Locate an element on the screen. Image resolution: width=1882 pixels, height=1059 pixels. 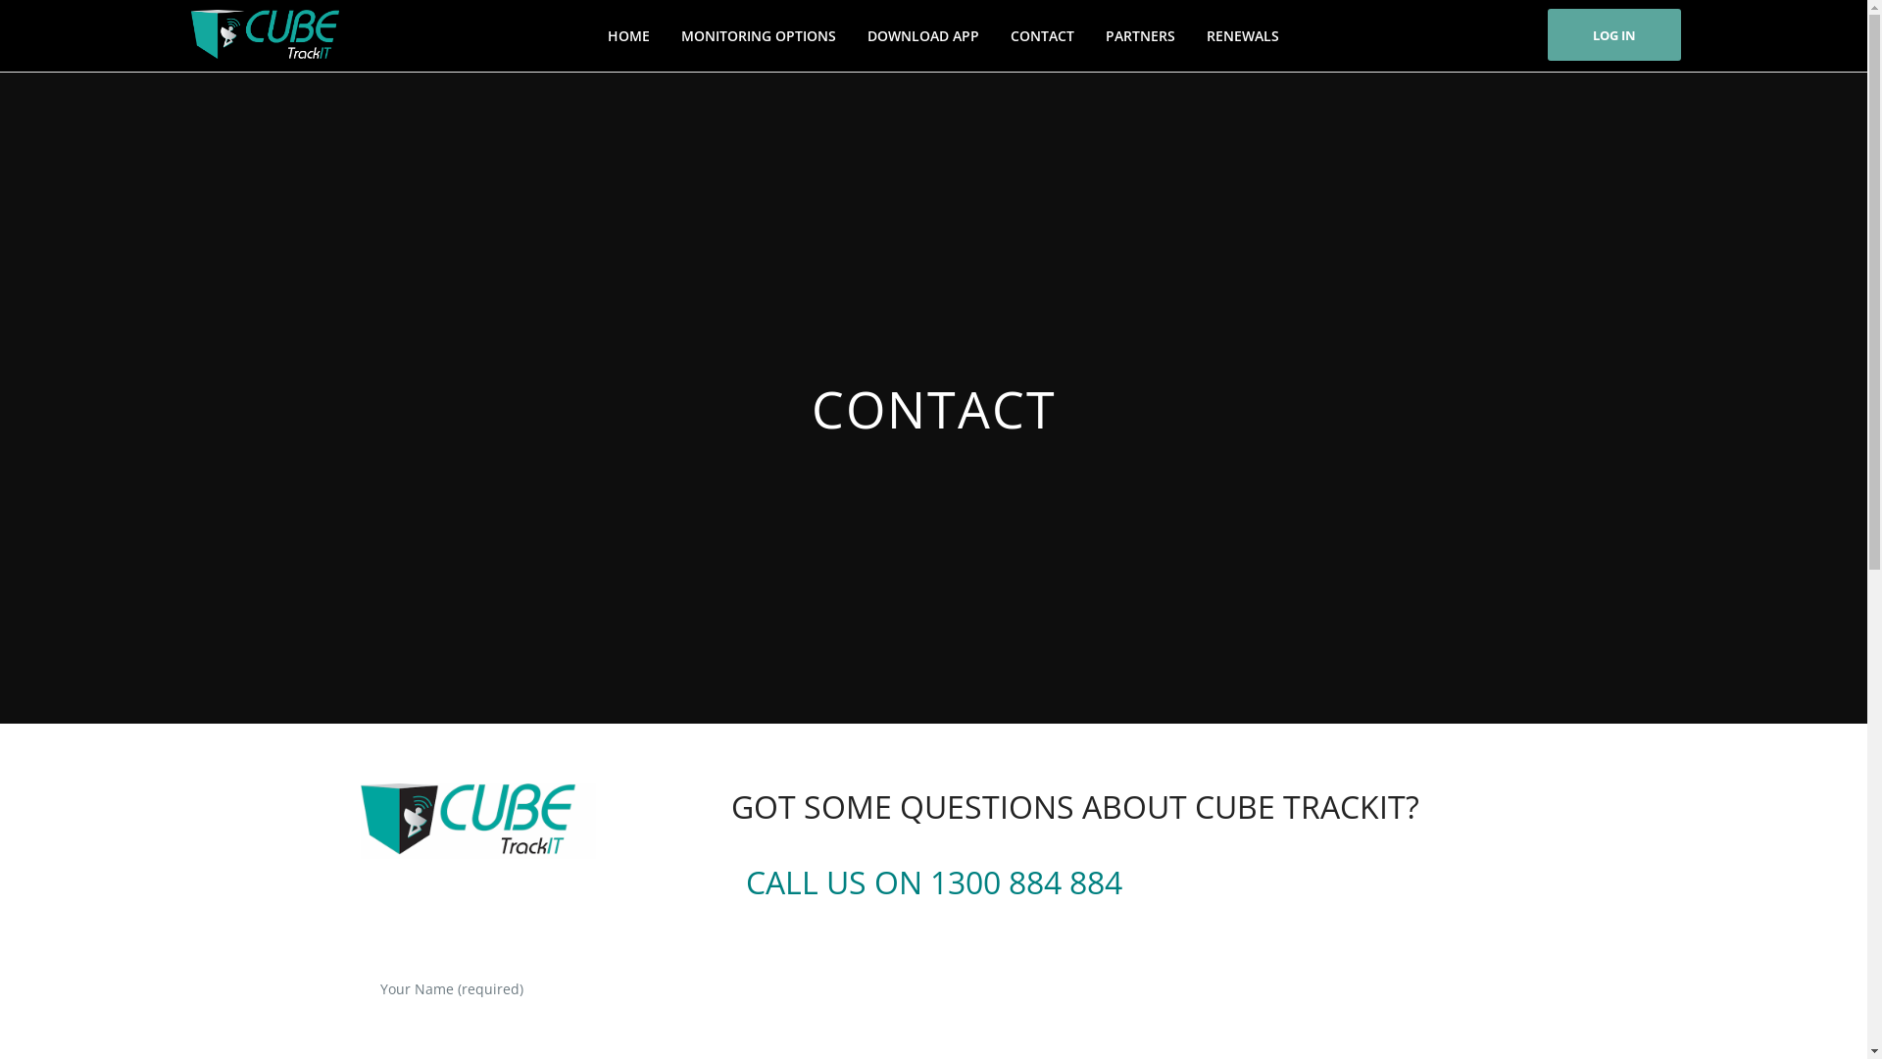
'LOG IN' is located at coordinates (1613, 34).